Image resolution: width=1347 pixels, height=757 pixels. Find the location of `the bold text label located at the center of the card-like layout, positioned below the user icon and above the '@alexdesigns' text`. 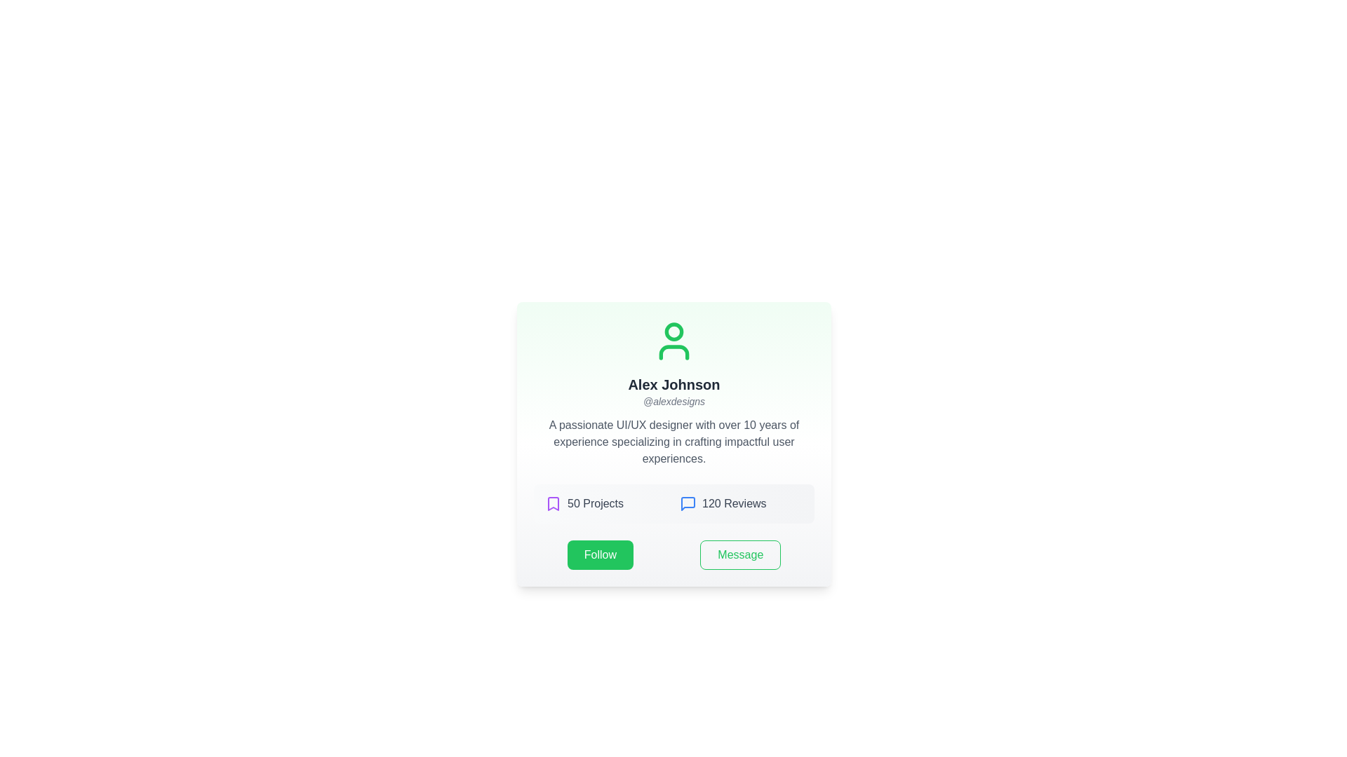

the bold text label located at the center of the card-like layout, positioned below the user icon and above the '@alexdesigns' text is located at coordinates (673, 384).